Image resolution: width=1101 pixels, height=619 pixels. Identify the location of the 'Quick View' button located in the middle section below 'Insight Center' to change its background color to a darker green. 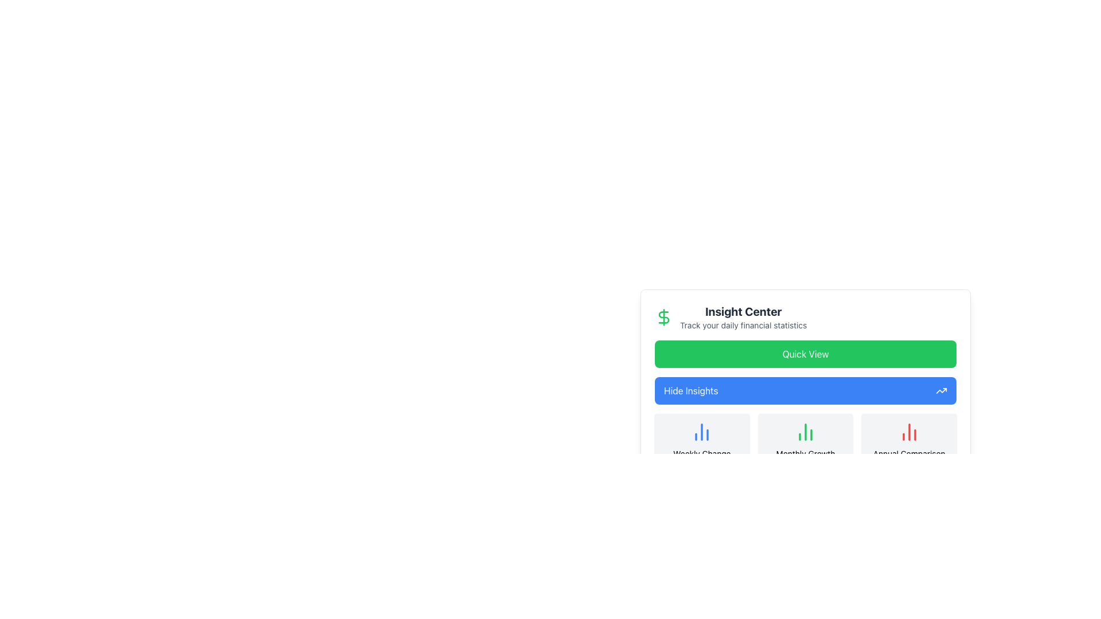
(805, 353).